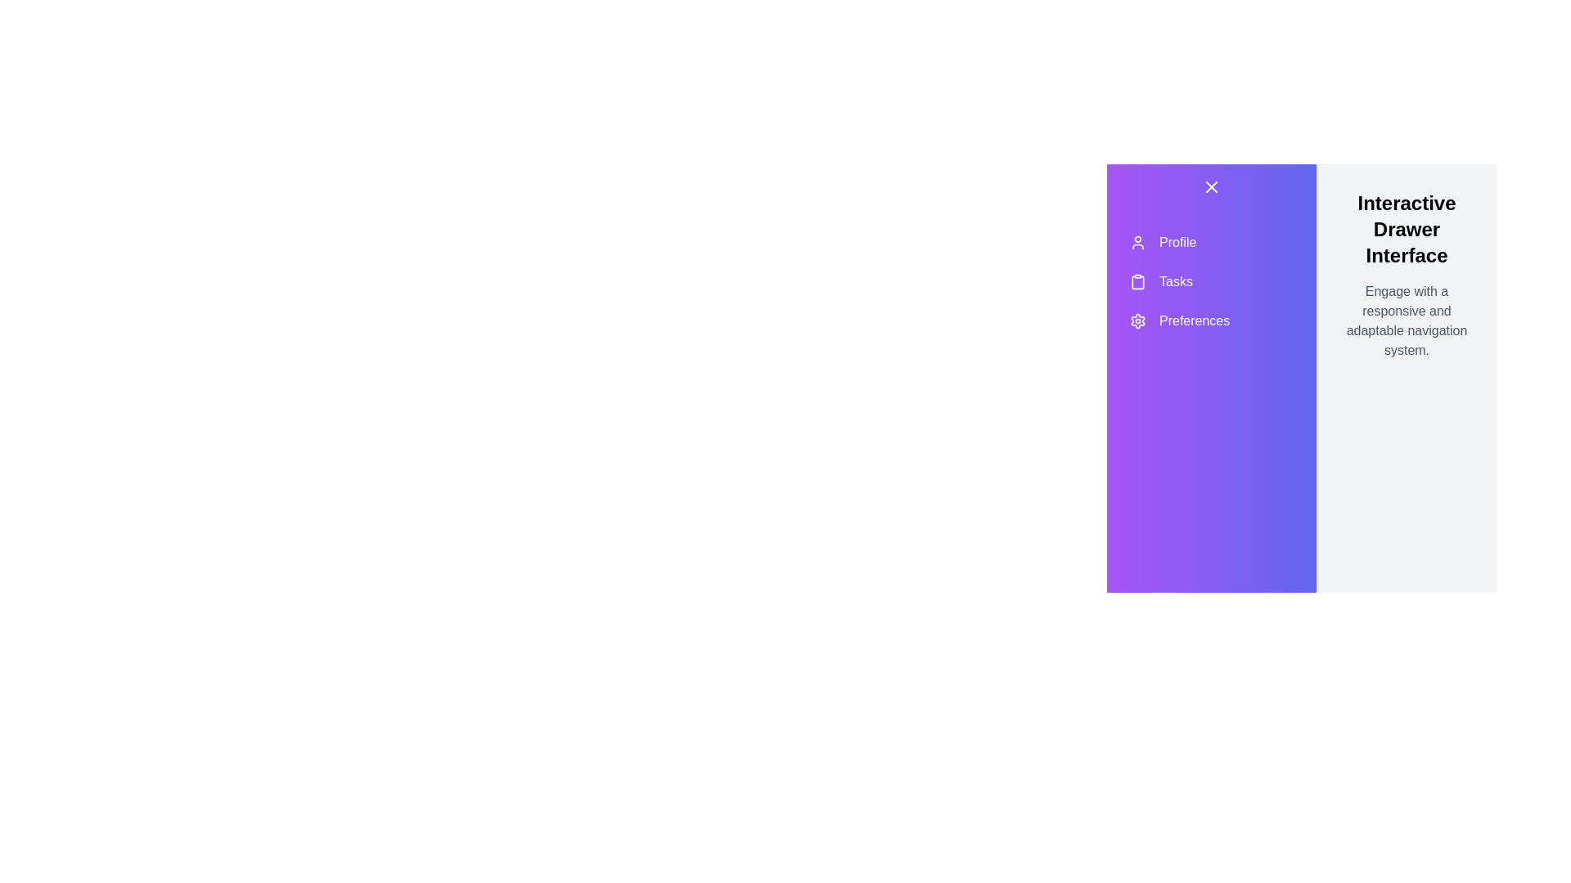 This screenshot has width=1571, height=883. What do you see at coordinates (1212, 321) in the screenshot?
I see `the menu item Preferences from the sidebar` at bounding box center [1212, 321].